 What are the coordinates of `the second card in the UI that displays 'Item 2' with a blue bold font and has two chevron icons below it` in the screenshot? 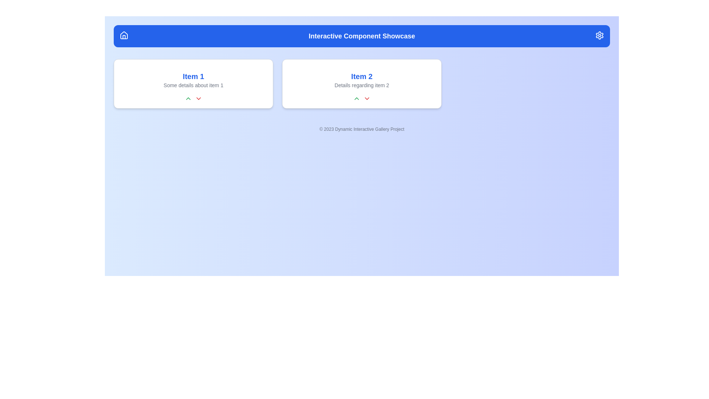 It's located at (362, 83).